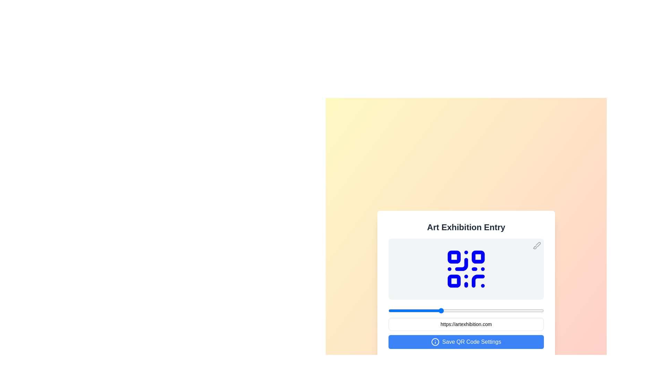 Image resolution: width=666 pixels, height=375 pixels. What do you see at coordinates (466, 324) in the screenshot?
I see `inside the text input field labeled 'Update URL' to focus on it` at bounding box center [466, 324].